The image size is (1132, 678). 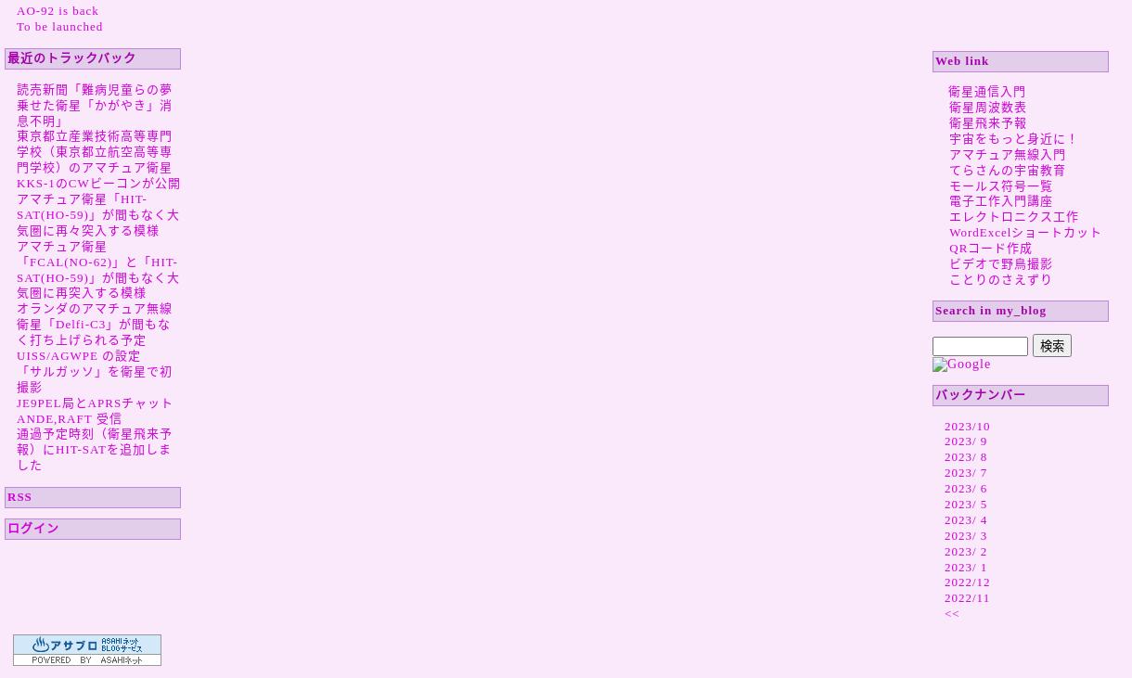 I want to click on '通過予定時刻（衛星飛来予報）にHIT-SATを追加しました', so click(x=93, y=449).